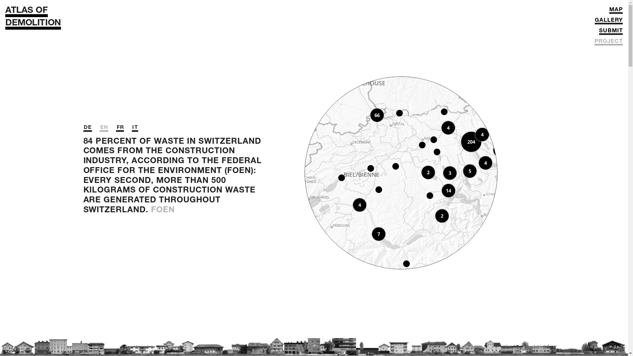 This screenshot has height=356, width=633. I want to click on 'GALLERY', so click(595, 21).